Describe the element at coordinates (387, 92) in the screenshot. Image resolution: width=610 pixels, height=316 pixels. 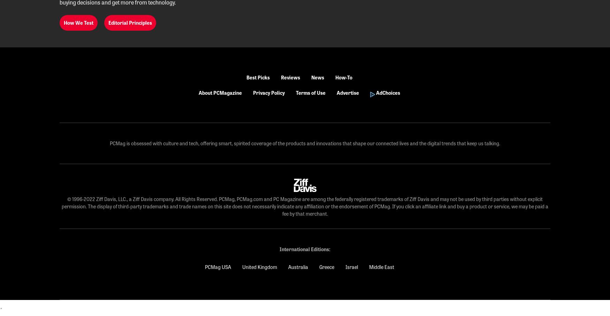
I see `'AdChoices'` at that location.